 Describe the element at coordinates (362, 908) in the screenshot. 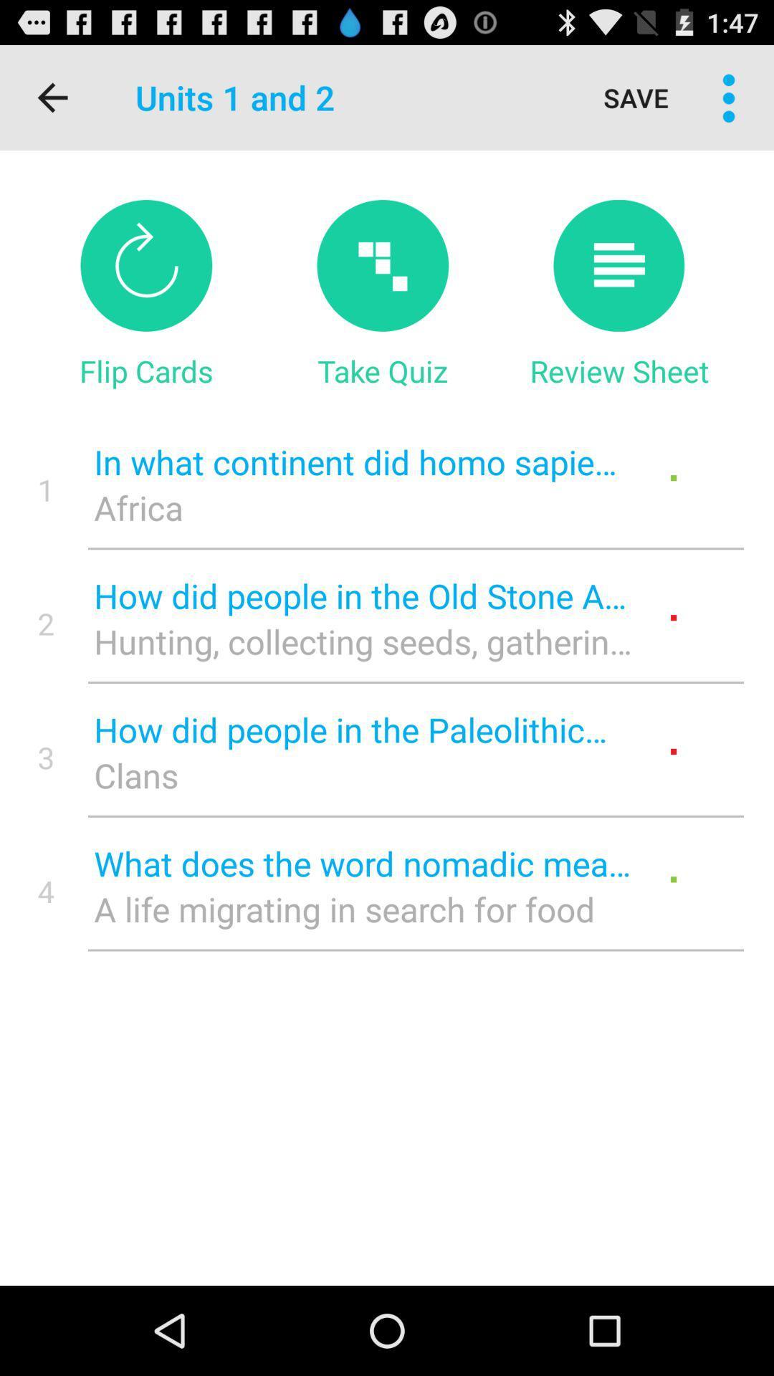

I see `icon below what does the icon` at that location.